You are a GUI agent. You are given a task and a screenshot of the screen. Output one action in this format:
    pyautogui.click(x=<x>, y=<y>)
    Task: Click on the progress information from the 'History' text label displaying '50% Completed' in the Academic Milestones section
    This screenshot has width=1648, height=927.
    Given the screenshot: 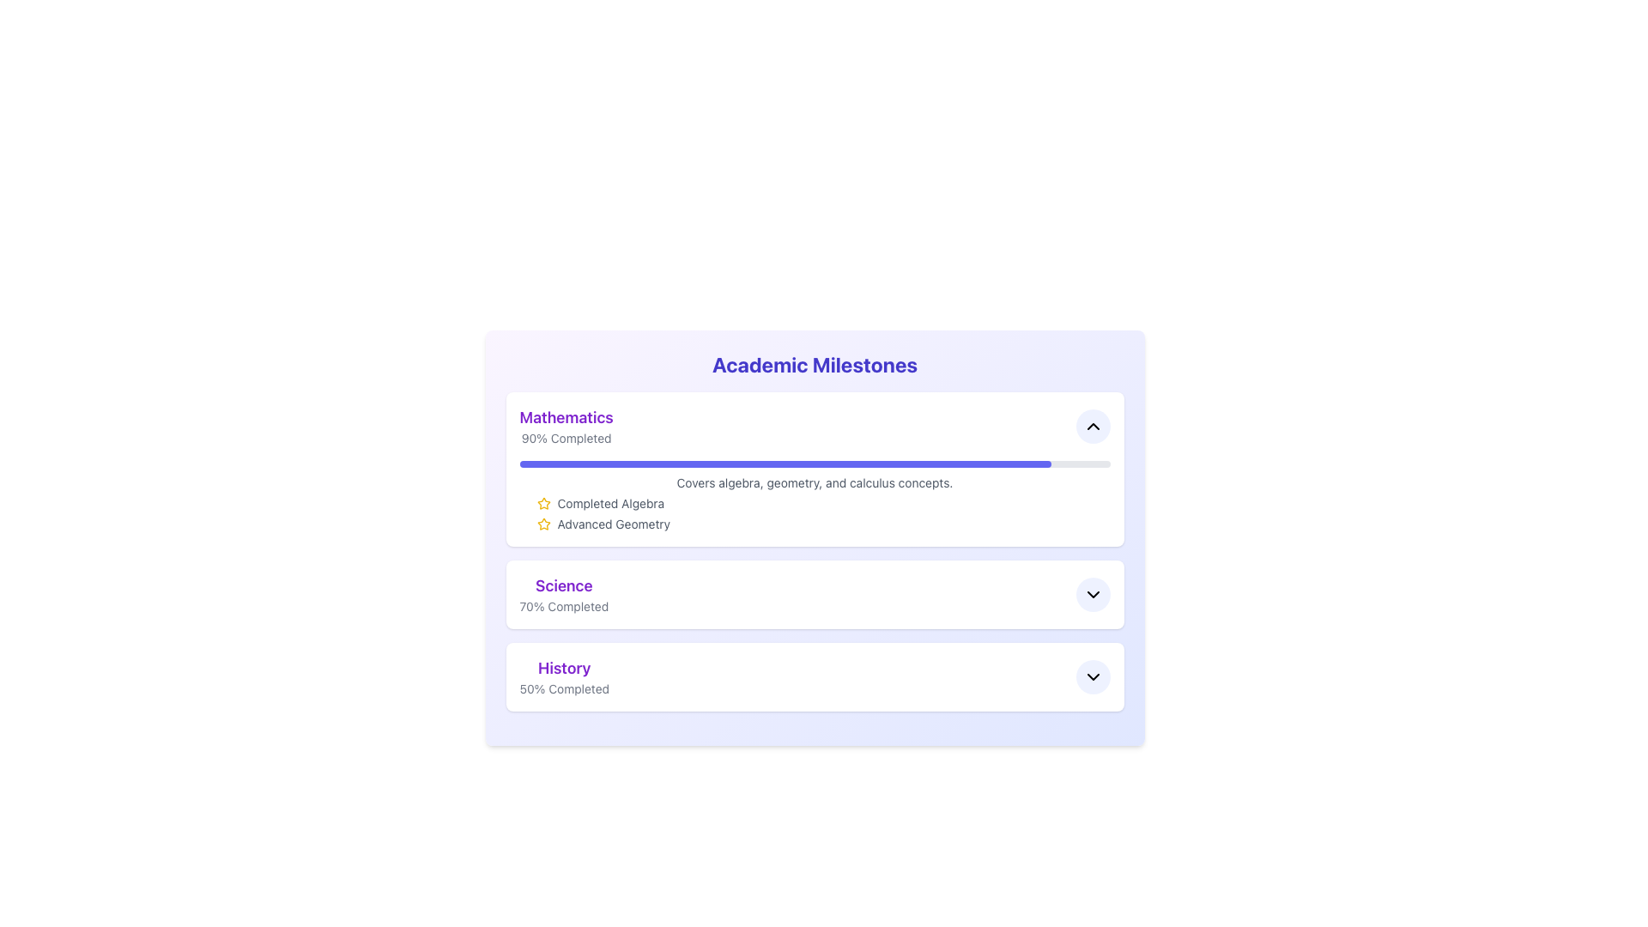 What is the action you would take?
    pyautogui.click(x=564, y=676)
    